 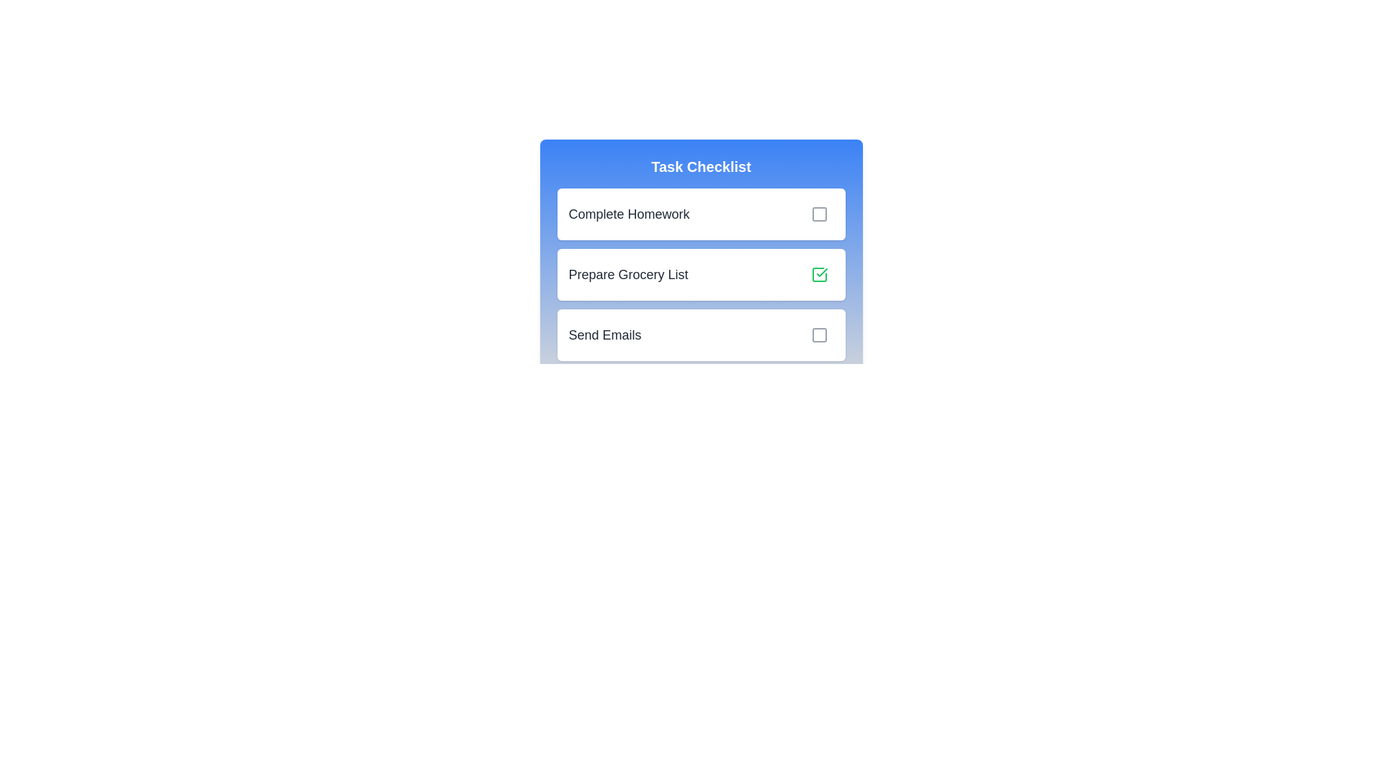 I want to click on the button corresponding to Prepare Grocery List, so click(x=819, y=274).